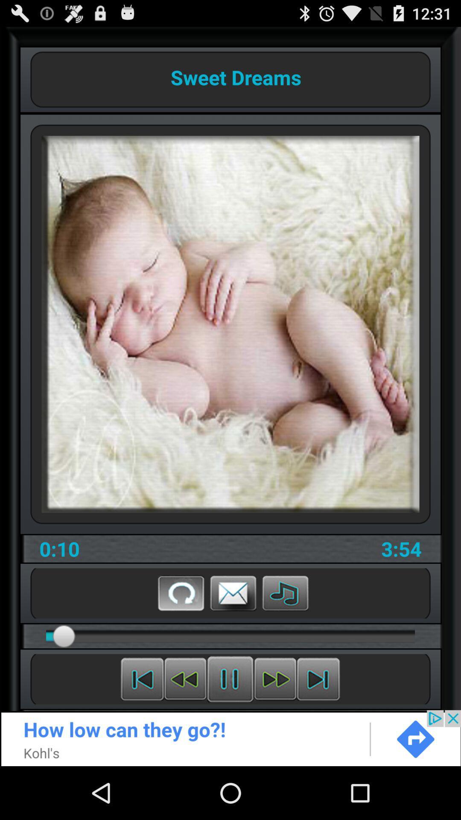 The height and width of the screenshot is (820, 461). I want to click on open advertisement, so click(230, 738).